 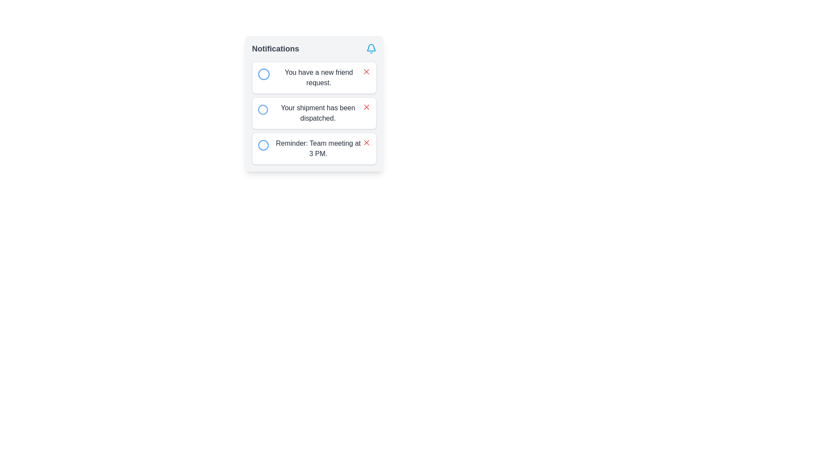 I want to click on the delete button associated with the notification message 'Reminder: Team meeting at 3 PM', located on the far right end of the notification row, so click(x=367, y=142).